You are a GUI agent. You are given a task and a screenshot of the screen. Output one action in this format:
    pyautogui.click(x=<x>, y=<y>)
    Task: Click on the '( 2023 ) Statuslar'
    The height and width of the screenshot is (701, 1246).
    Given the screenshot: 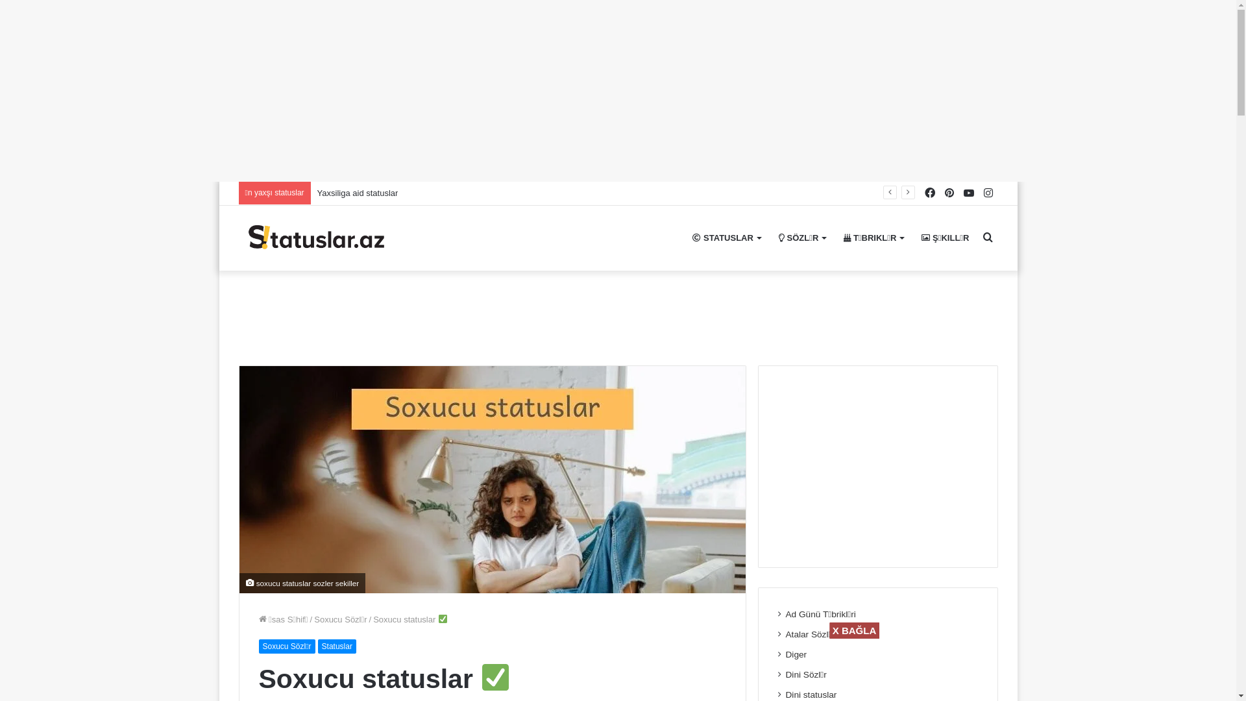 What is the action you would take?
    pyautogui.click(x=315, y=238)
    